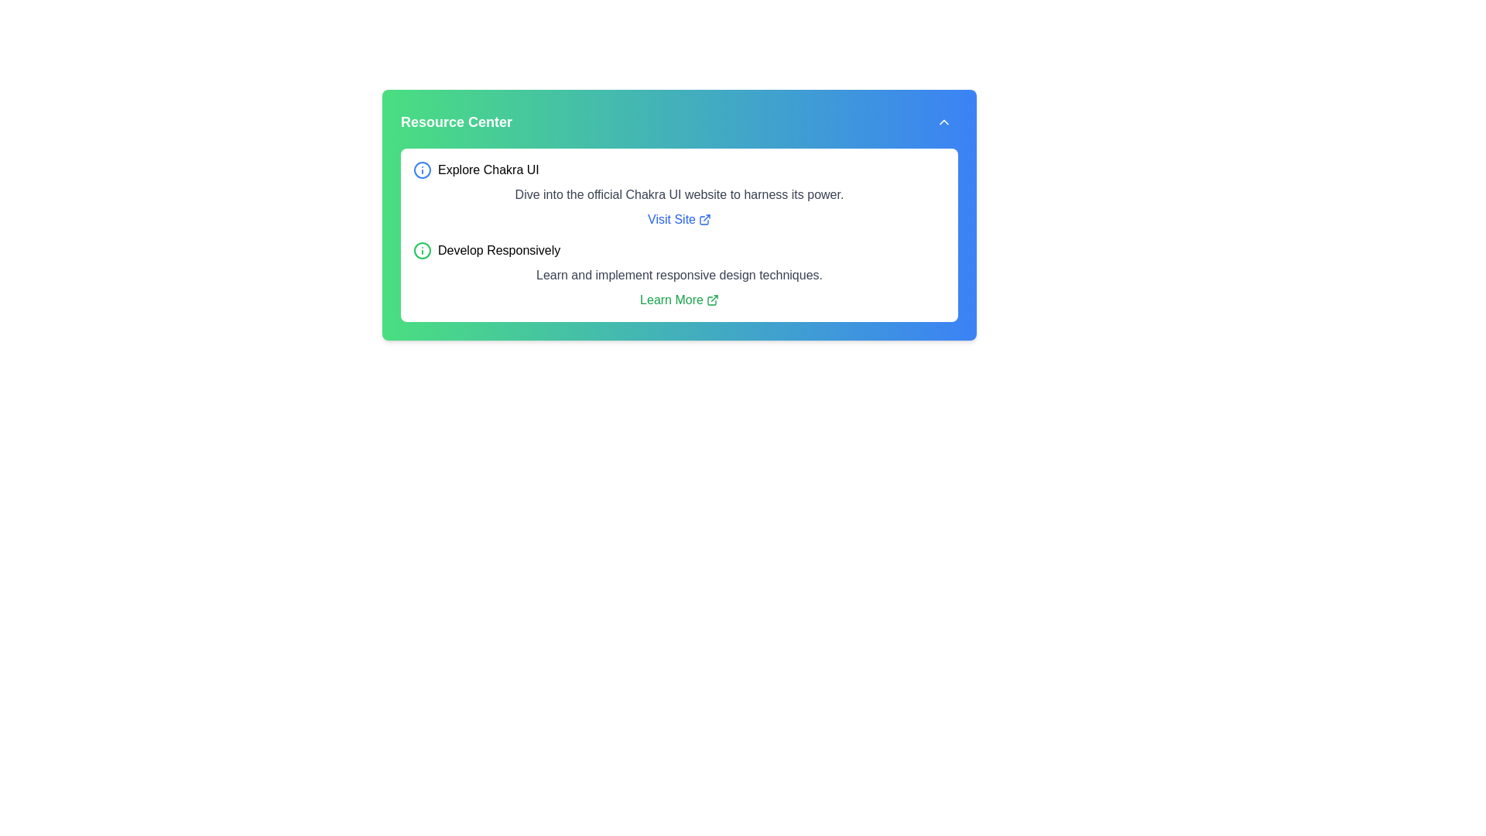 This screenshot has height=836, width=1486. Describe the element at coordinates (423, 250) in the screenshot. I see `the green circular icon with a white center resembling an info symbol, located to the left of the text 'Develop Responsively'` at that location.